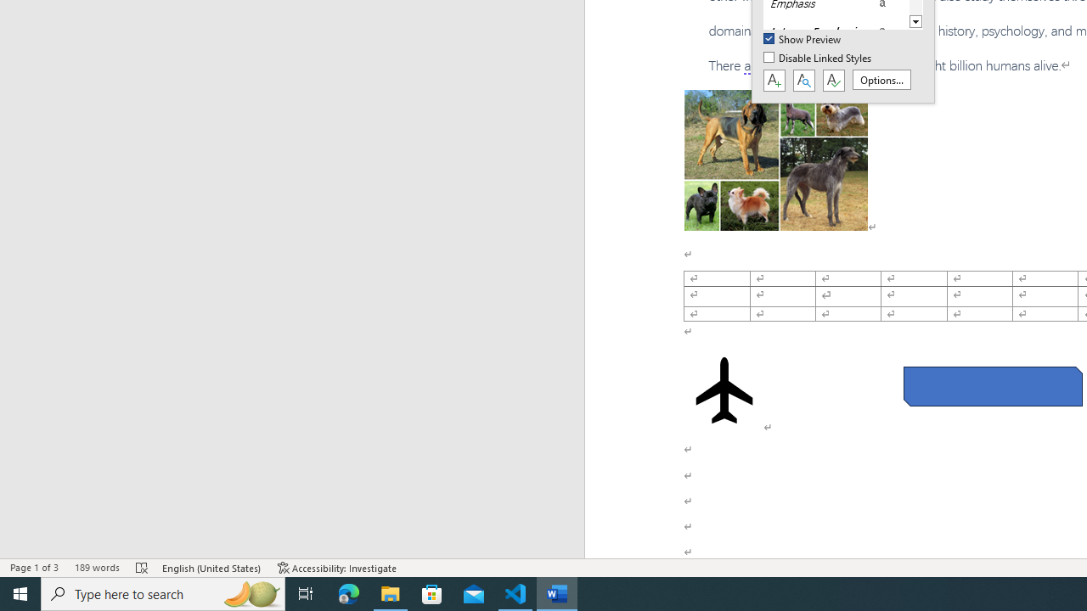 The width and height of the screenshot is (1087, 611). What do you see at coordinates (337, 568) in the screenshot?
I see `'Accessibility Checker Accessibility: Investigate'` at bounding box center [337, 568].